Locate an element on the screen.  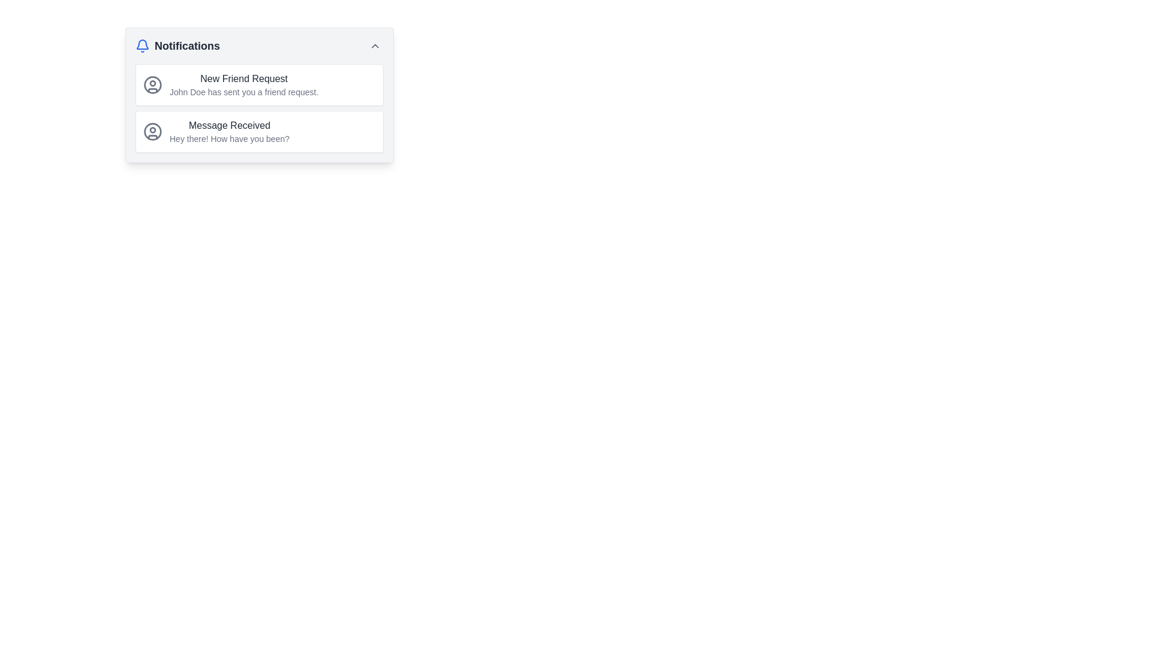
text from the Text Label displaying 'Message Received', which is centered above a smaller gray text in the notification list is located at coordinates (230, 125).